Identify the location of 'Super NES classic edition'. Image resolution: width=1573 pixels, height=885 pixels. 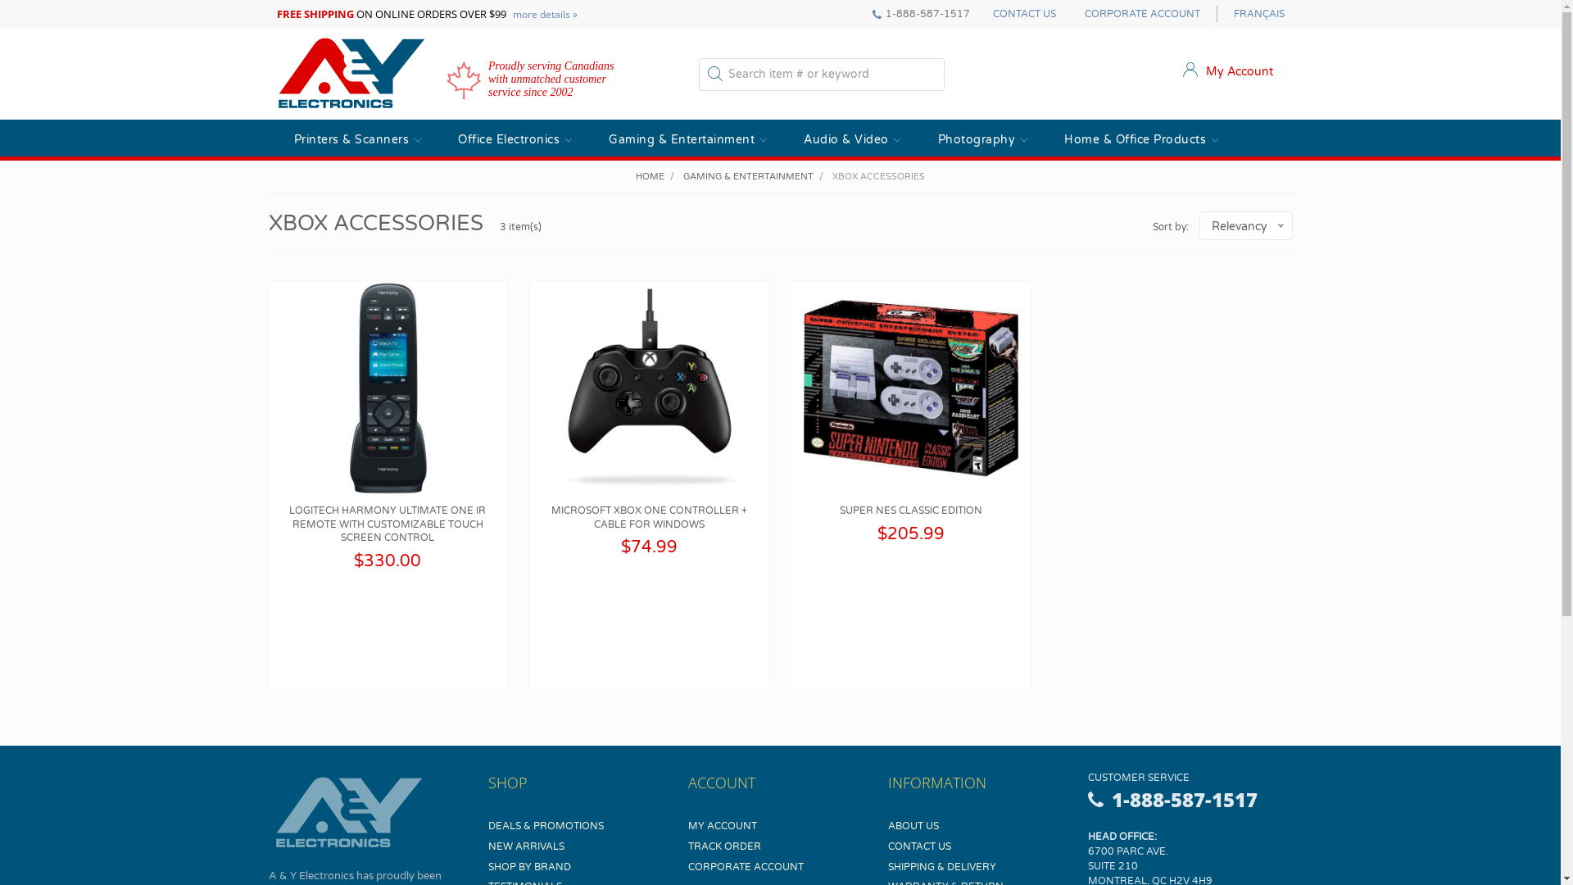
(910, 388).